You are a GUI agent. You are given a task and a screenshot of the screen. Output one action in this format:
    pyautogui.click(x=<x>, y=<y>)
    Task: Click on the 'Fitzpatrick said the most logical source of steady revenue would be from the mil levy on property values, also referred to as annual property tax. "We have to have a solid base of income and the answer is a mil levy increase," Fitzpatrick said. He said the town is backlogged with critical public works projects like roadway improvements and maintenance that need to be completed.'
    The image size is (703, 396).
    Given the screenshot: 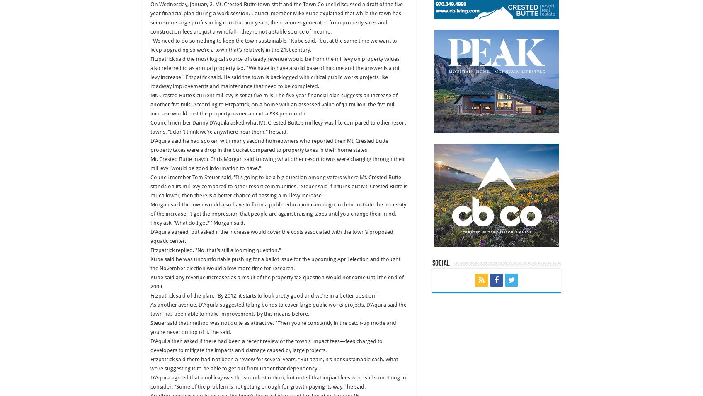 What is the action you would take?
    pyautogui.click(x=275, y=72)
    